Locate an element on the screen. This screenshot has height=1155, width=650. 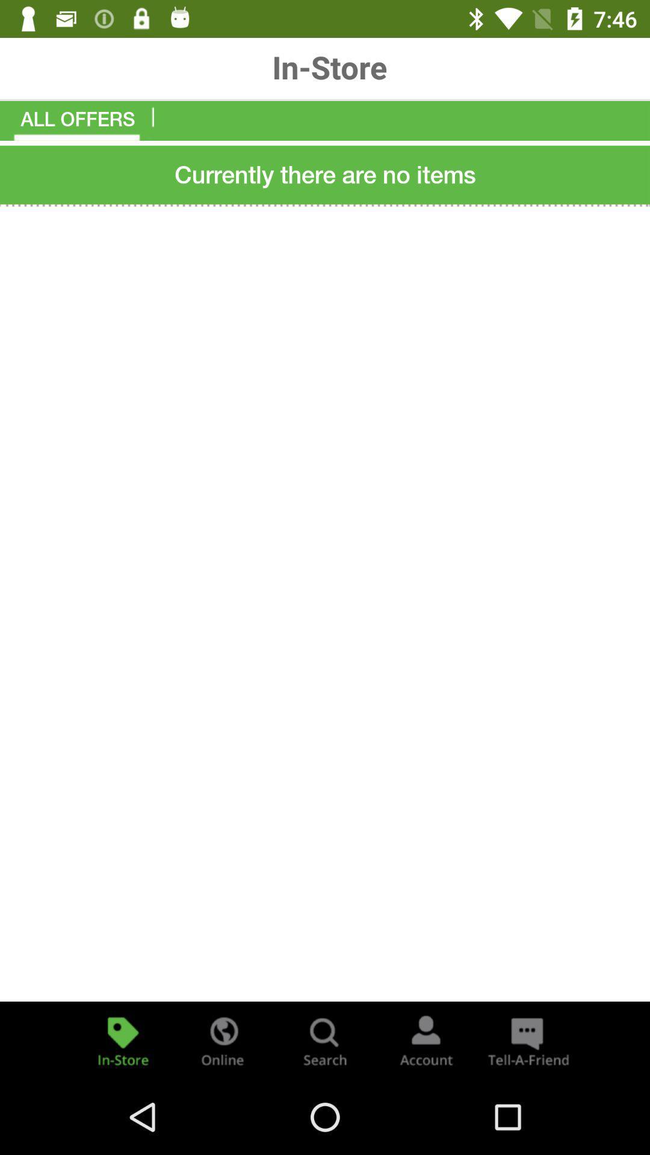
search toolbar is located at coordinates (325, 1039).